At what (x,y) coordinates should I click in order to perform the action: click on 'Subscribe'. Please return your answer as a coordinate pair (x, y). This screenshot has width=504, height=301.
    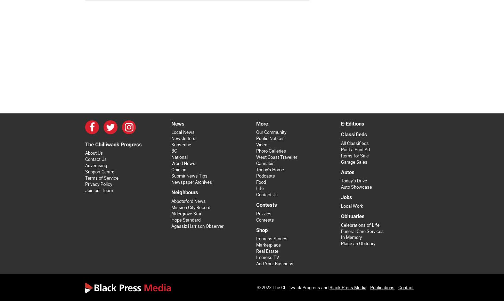
    Looking at the image, I should click on (171, 145).